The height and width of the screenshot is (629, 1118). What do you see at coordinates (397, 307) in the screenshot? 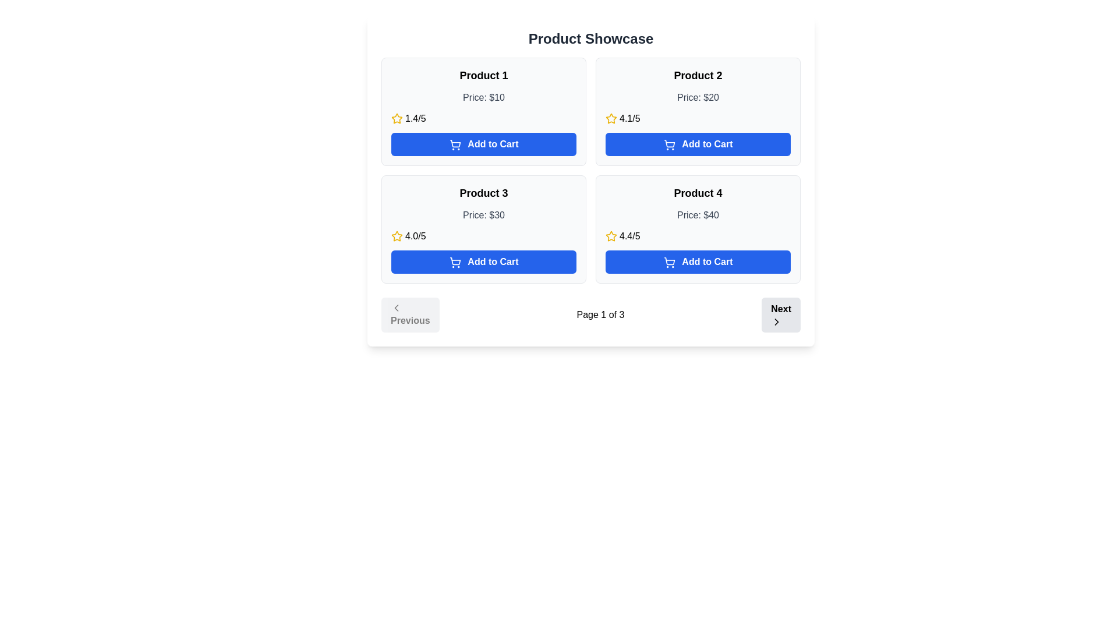
I see `the 'Previous' button icon (SVG) located at the bottom left corner of the layout` at bounding box center [397, 307].